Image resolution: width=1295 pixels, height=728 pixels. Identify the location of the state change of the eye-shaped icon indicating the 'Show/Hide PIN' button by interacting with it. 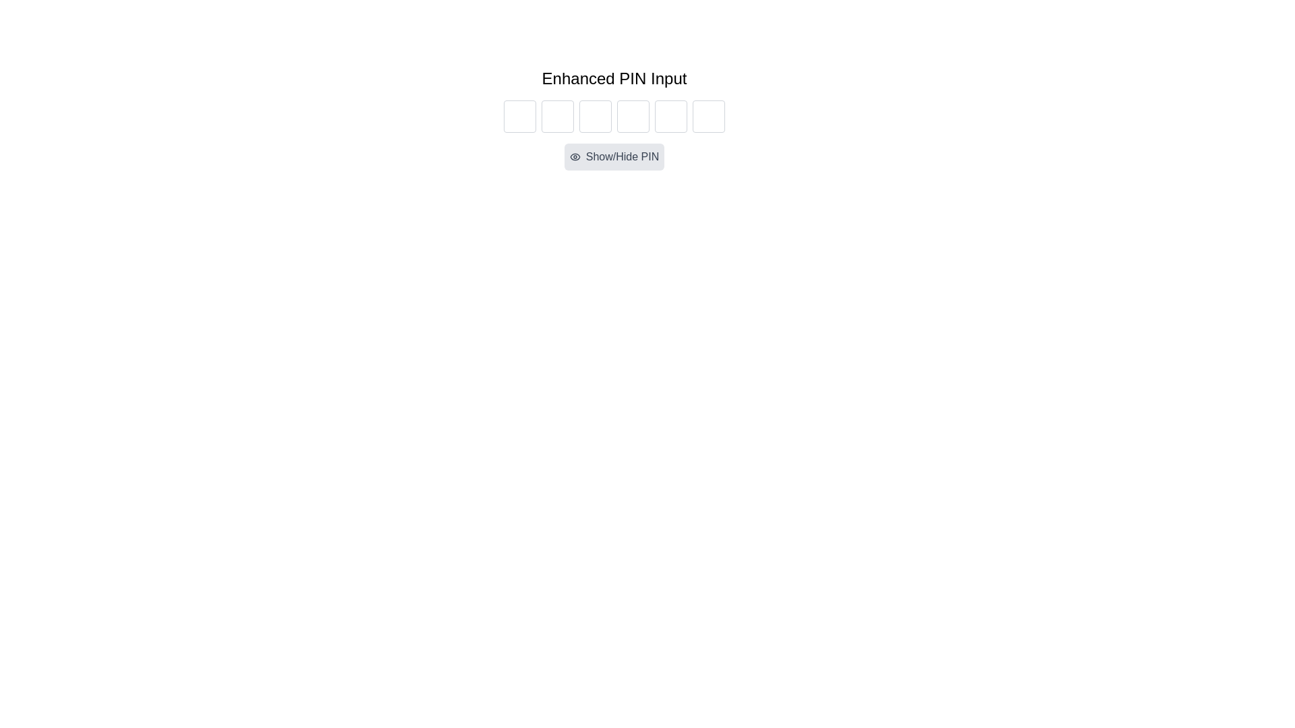
(575, 156).